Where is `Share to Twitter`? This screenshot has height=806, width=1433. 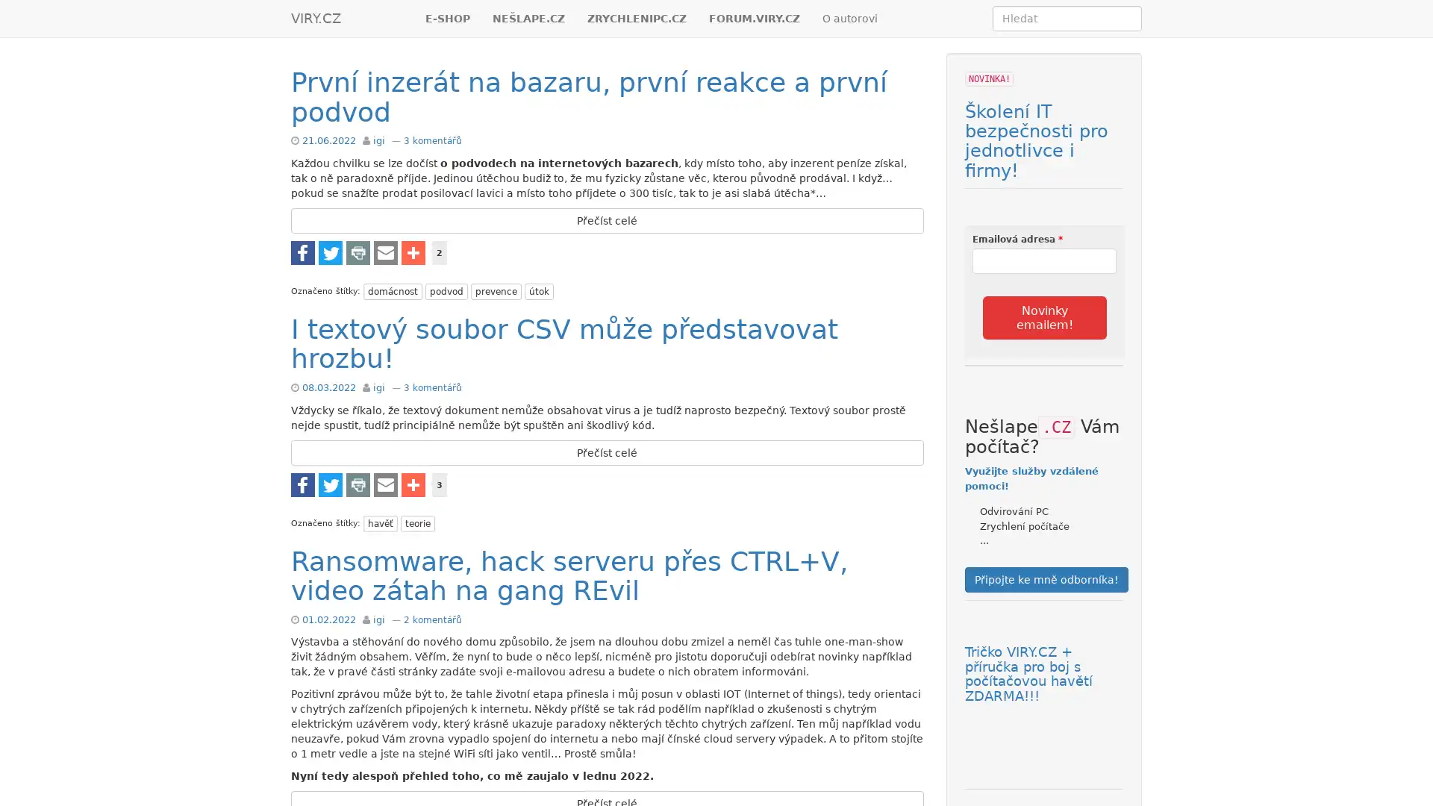
Share to Twitter is located at coordinates (329, 484).